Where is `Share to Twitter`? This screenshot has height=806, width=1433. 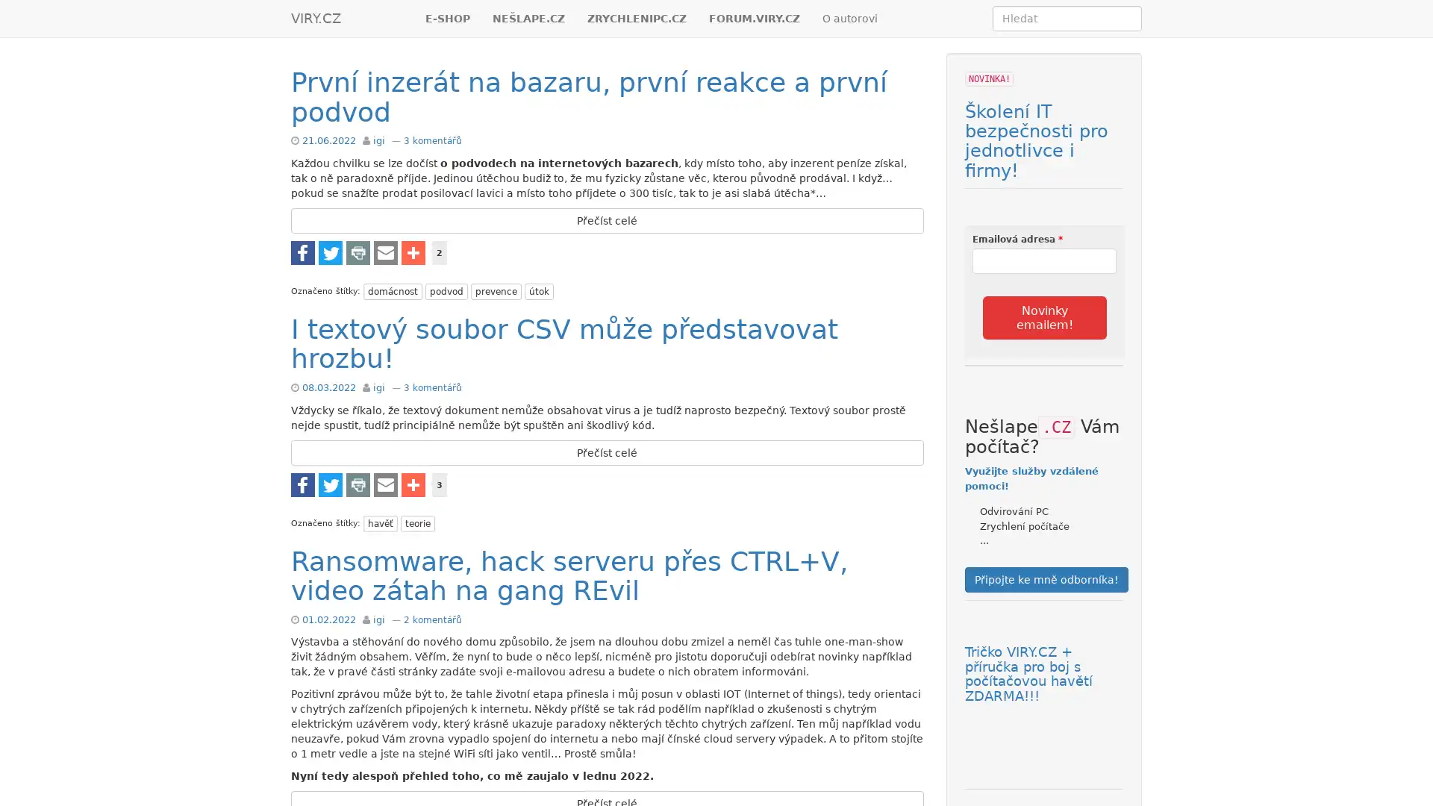
Share to Twitter is located at coordinates (329, 484).